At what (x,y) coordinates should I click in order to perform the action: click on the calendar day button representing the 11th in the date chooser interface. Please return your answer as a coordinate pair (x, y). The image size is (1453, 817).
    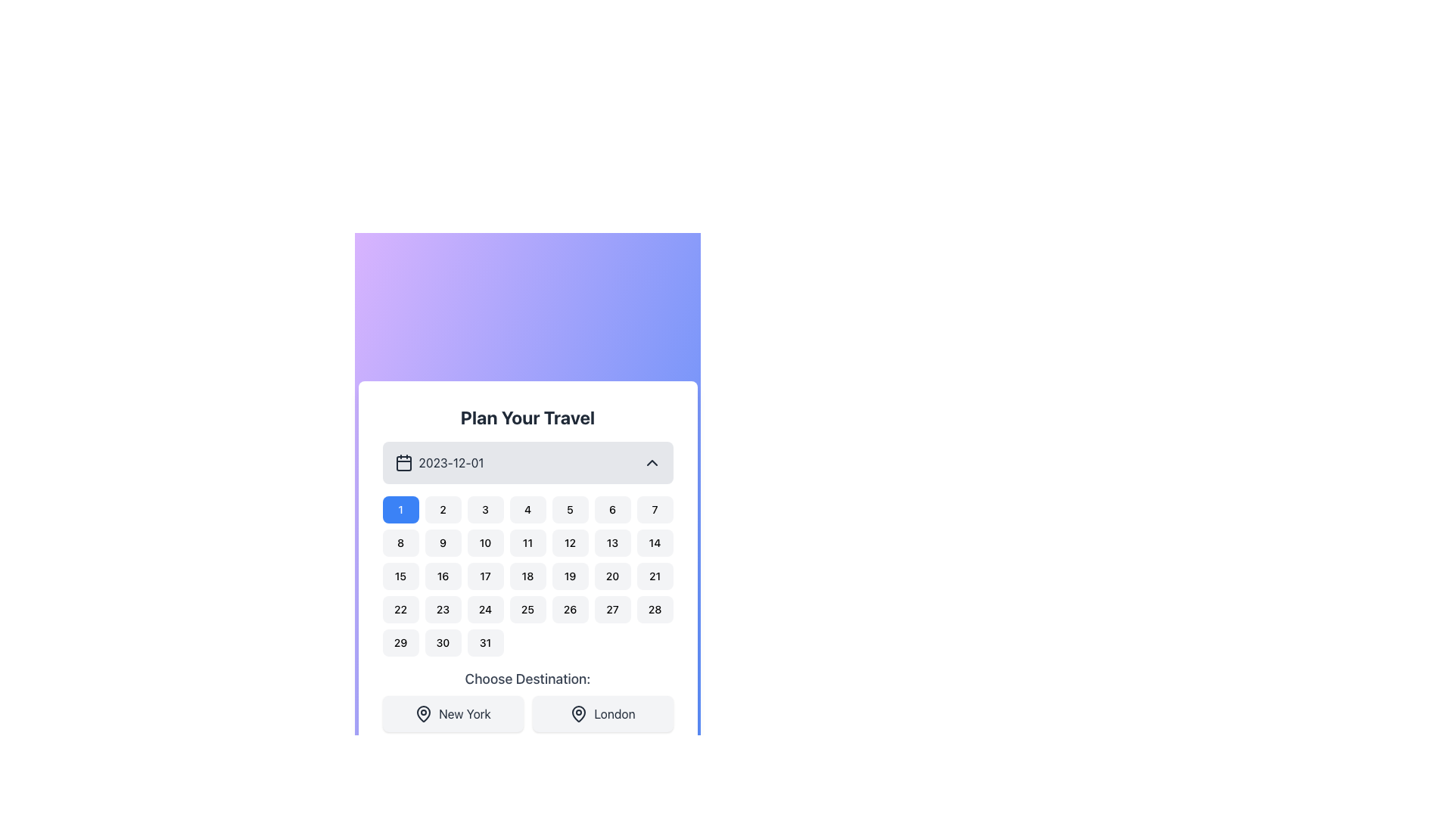
    Looking at the image, I should click on (527, 542).